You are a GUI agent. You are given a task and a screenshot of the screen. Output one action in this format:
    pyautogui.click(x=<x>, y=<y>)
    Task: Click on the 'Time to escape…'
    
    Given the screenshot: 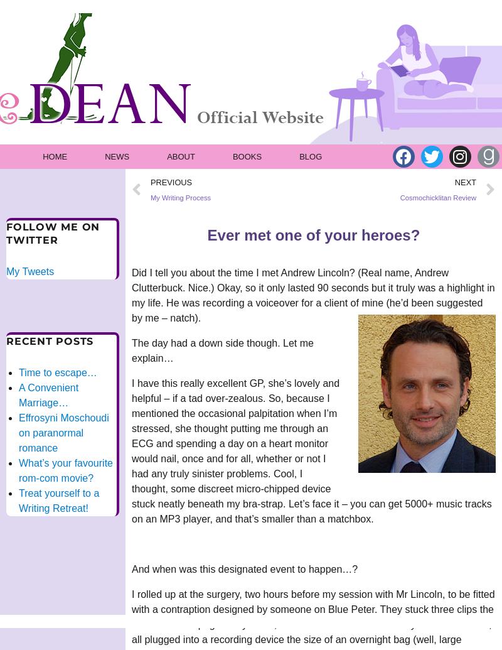 What is the action you would take?
    pyautogui.click(x=58, y=372)
    